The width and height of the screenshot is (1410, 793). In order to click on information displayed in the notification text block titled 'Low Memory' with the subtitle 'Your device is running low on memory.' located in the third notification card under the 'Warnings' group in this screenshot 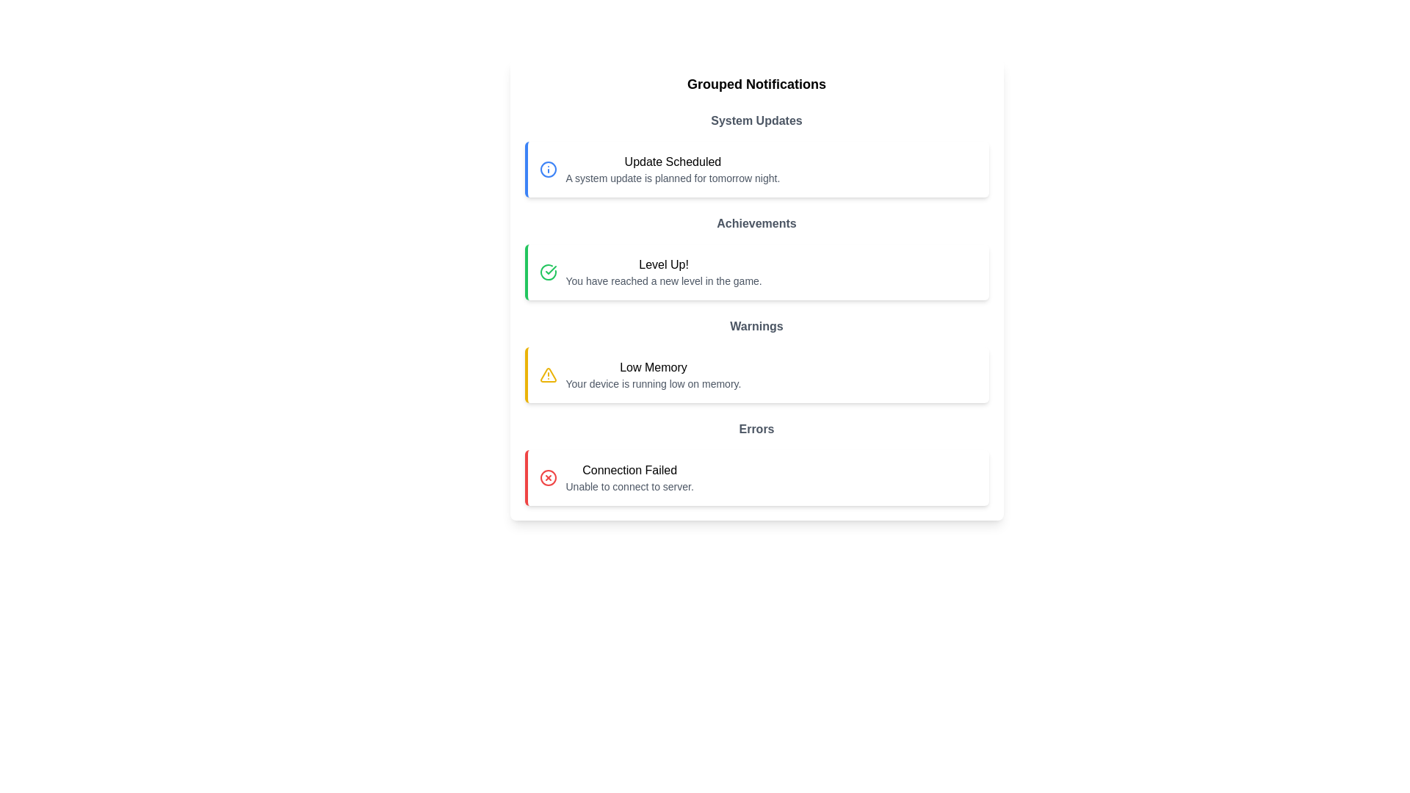, I will do `click(652, 374)`.